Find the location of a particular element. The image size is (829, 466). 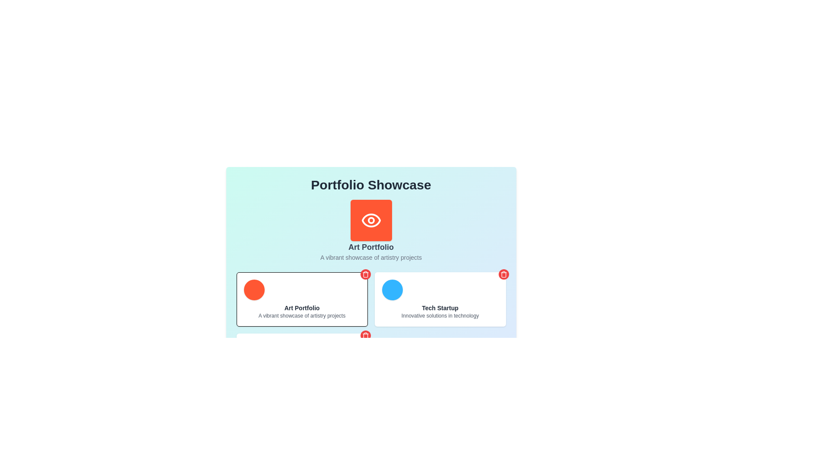

the text element that provides a concise description or summary related to the 'Art Portfolio' title, located below the title within a card-like component in the left card of a two-card layout is located at coordinates (302, 316).